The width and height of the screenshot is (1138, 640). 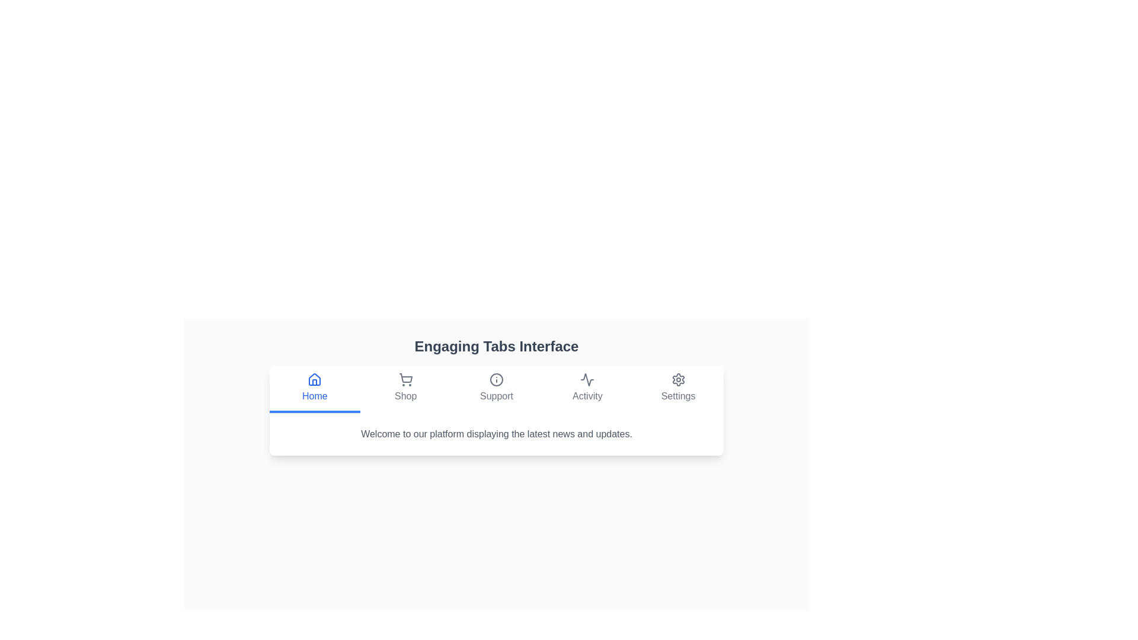 What do you see at coordinates (315, 389) in the screenshot?
I see `the first navigation tab button on the horizontal navigation bar` at bounding box center [315, 389].